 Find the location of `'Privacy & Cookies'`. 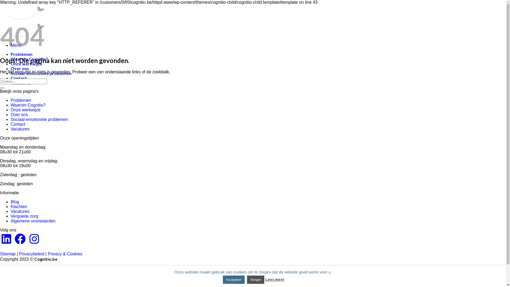

'Privacy & Cookies' is located at coordinates (65, 254).